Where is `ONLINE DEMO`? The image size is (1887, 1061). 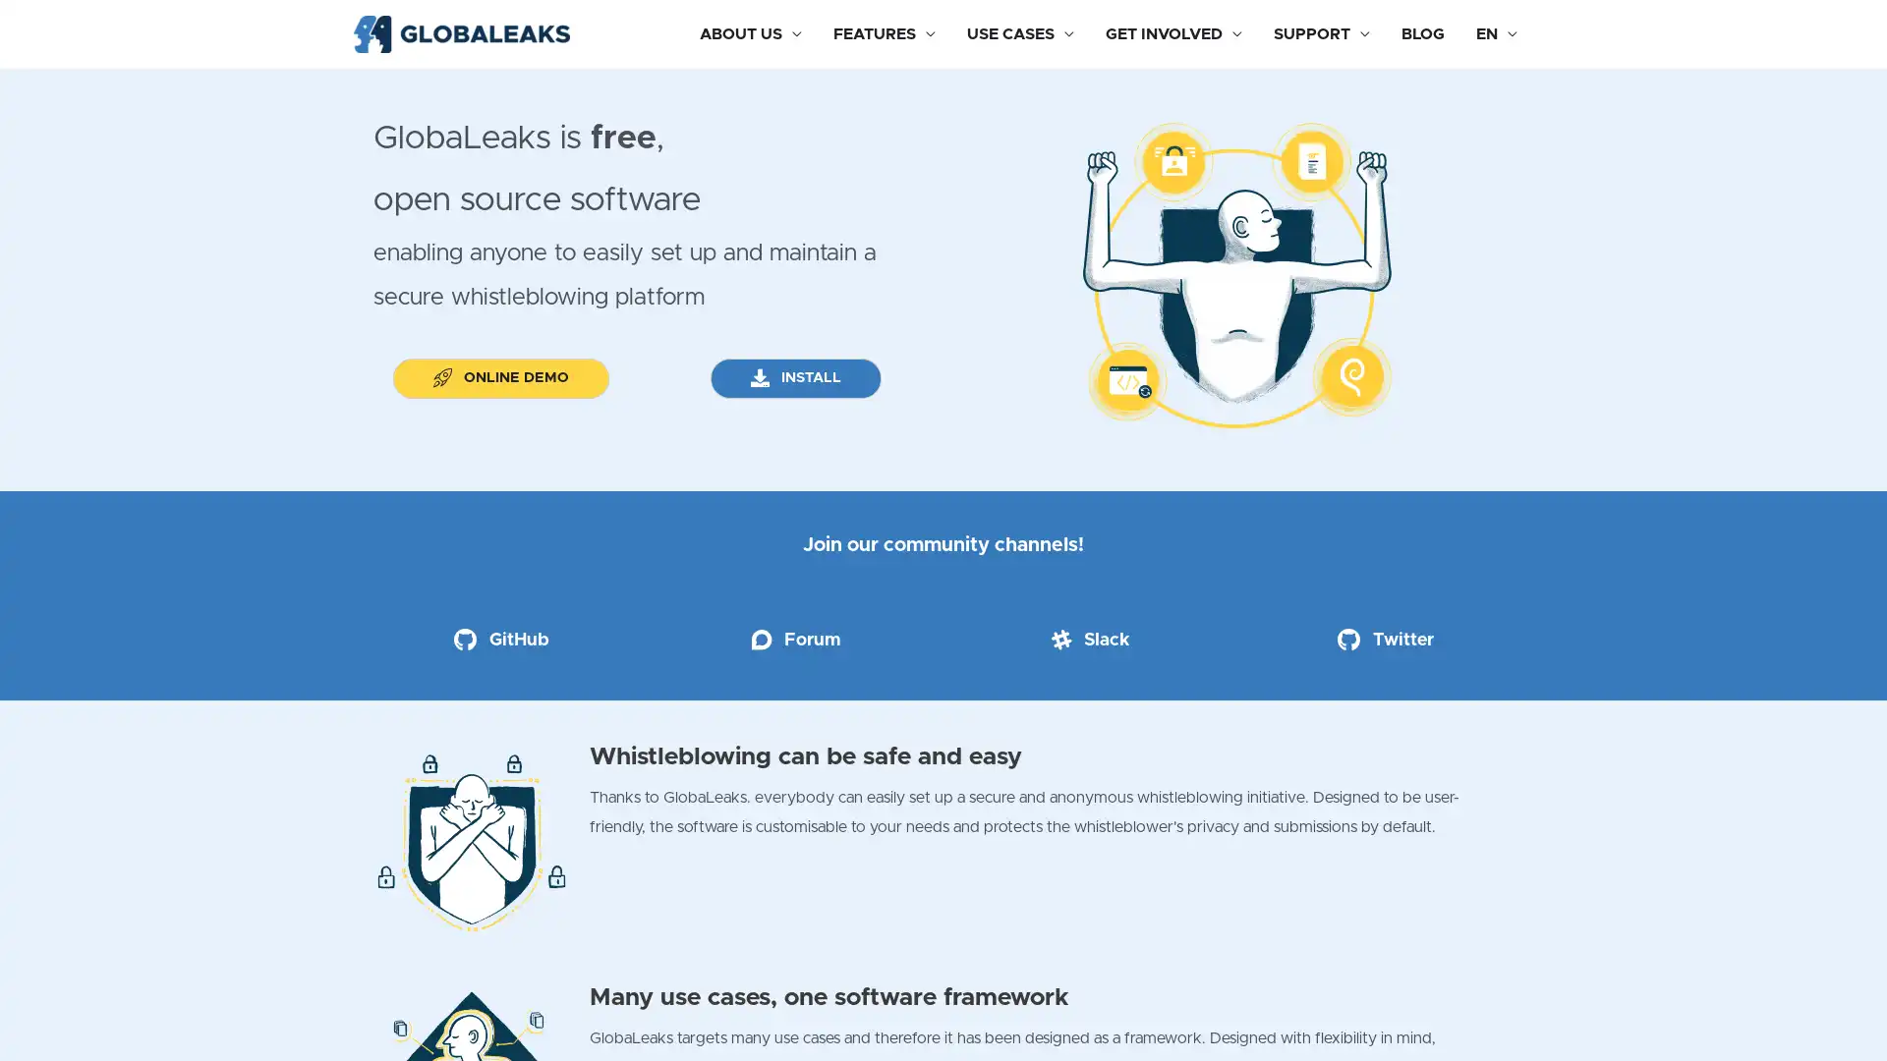
ONLINE DEMO is located at coordinates (500, 379).